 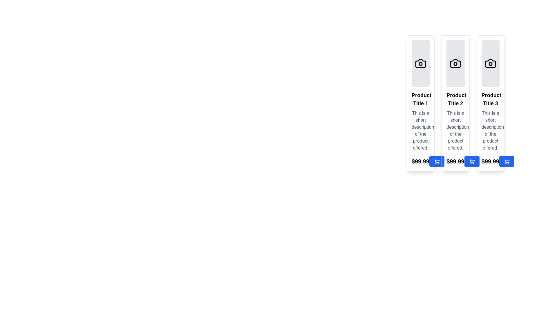 What do you see at coordinates (490, 99) in the screenshot?
I see `the text label displaying 'Product Title 3' to potentially reveal additional information` at bounding box center [490, 99].